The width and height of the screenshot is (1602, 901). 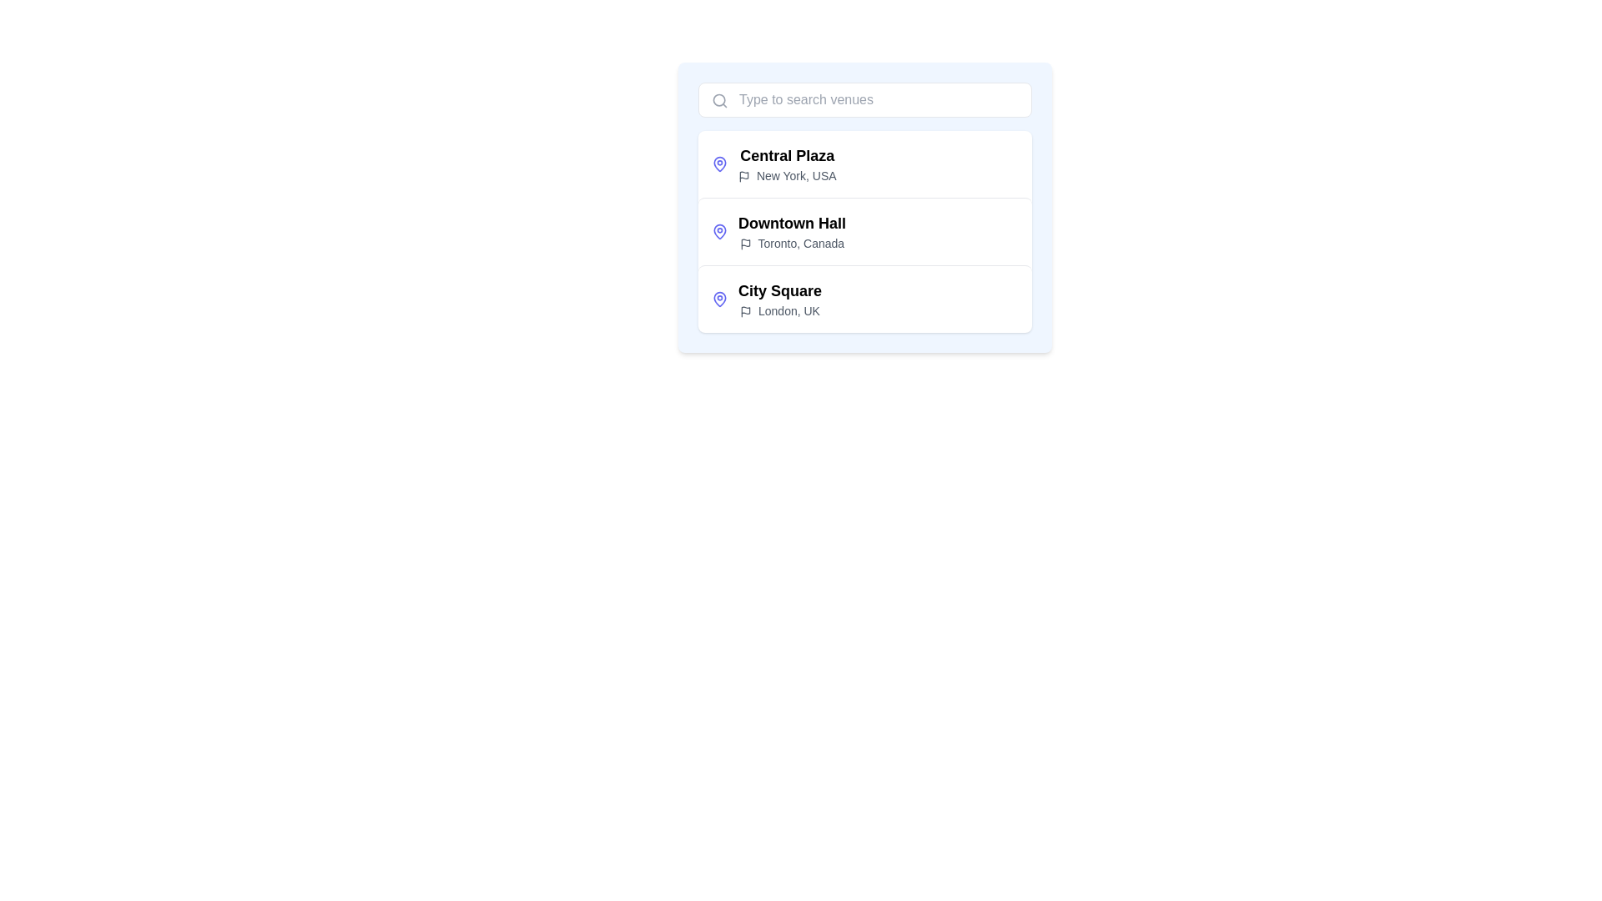 What do you see at coordinates (864, 231) in the screenshot?
I see `the second venue entry labeled 'Downtown Hall'` at bounding box center [864, 231].